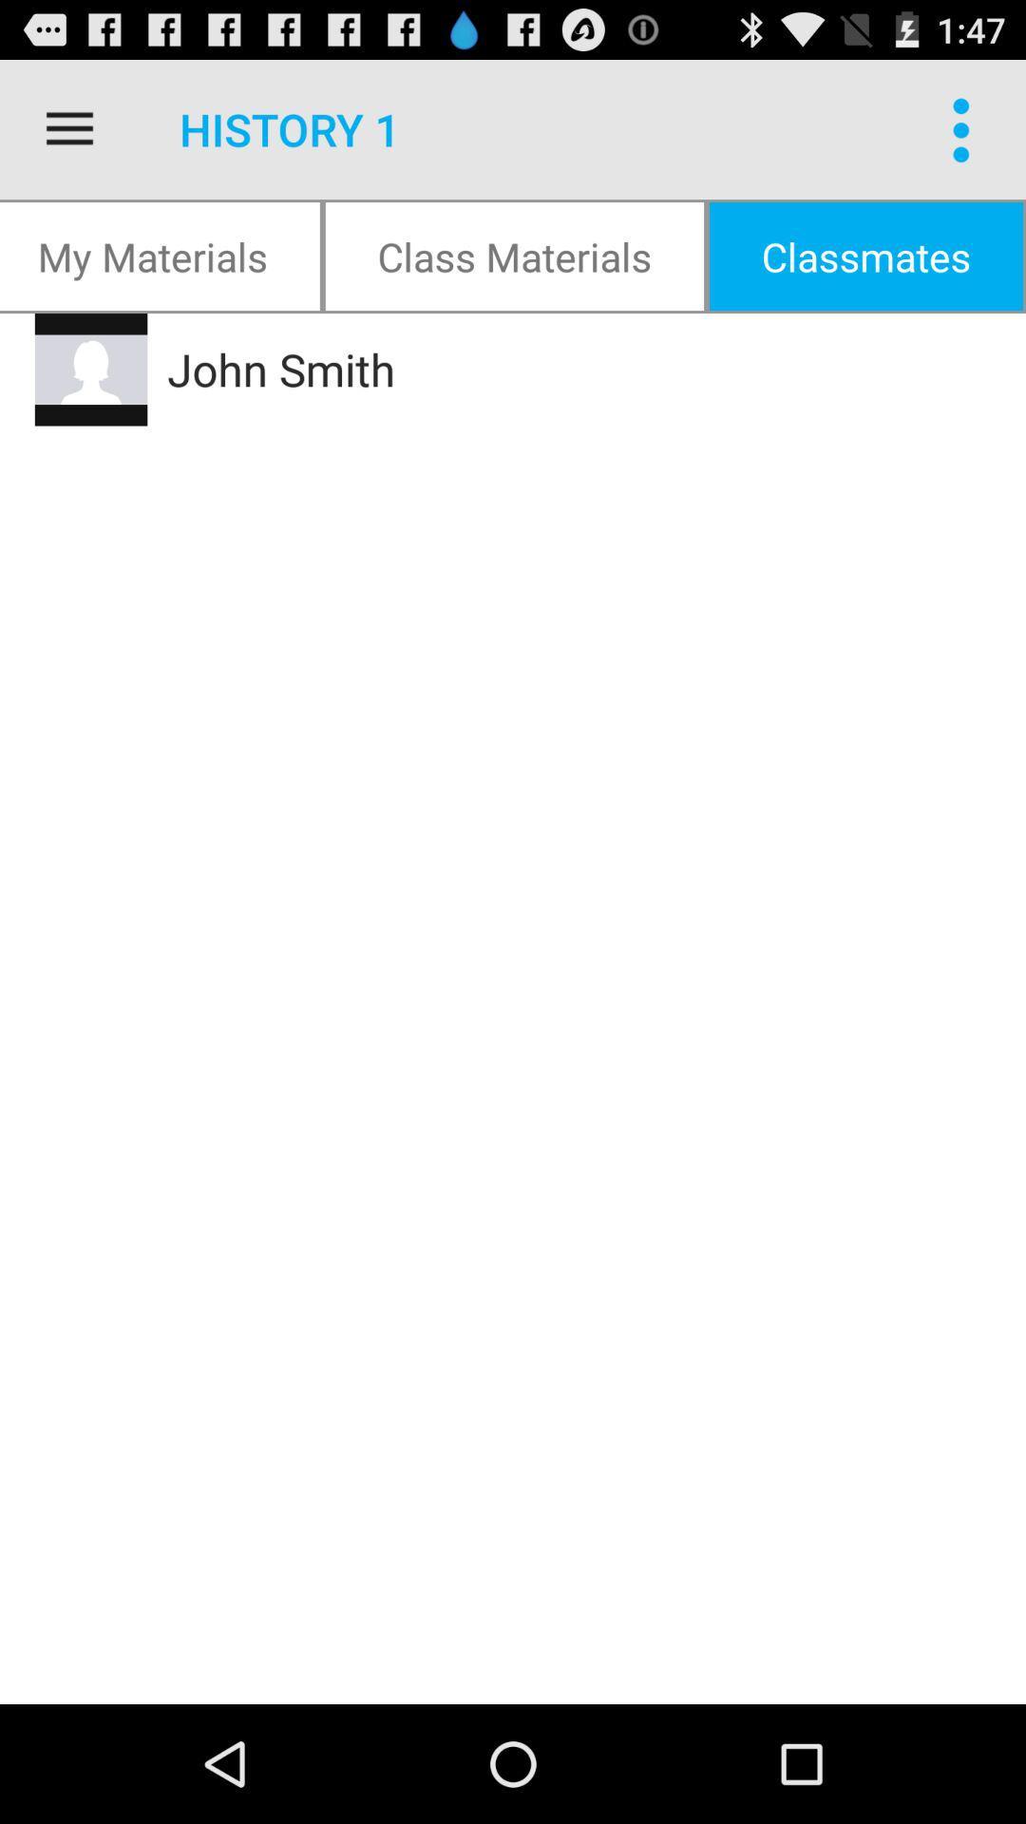 The image size is (1026, 1824). I want to click on icon next to the class materials icon, so click(160, 255).